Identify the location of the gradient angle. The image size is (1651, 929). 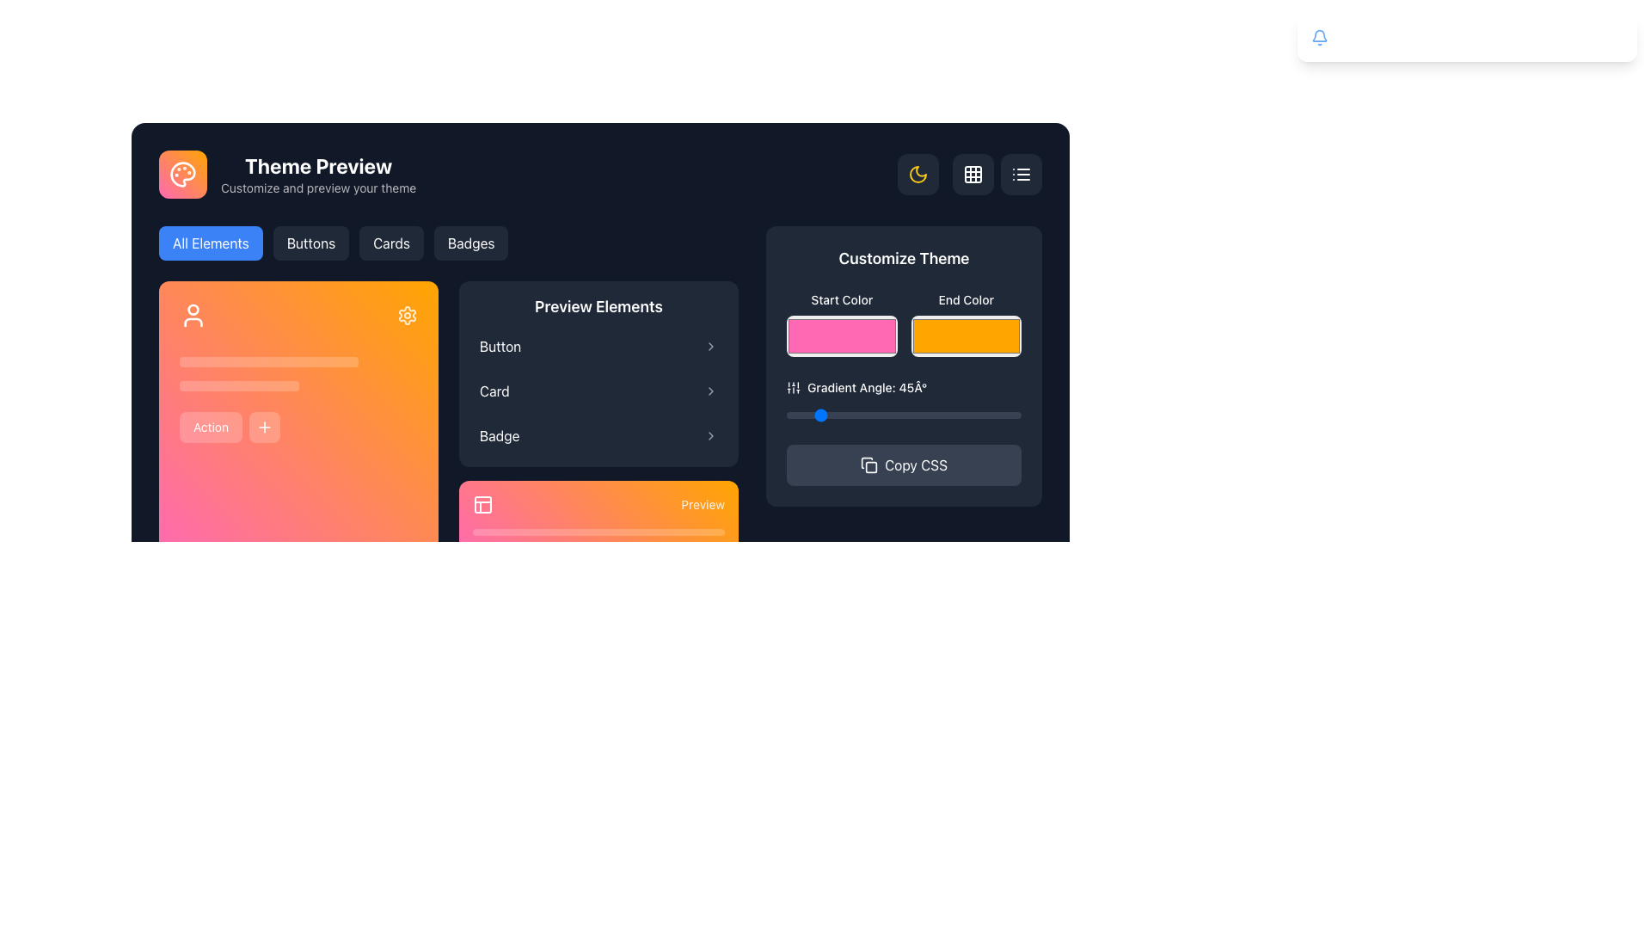
(858, 415).